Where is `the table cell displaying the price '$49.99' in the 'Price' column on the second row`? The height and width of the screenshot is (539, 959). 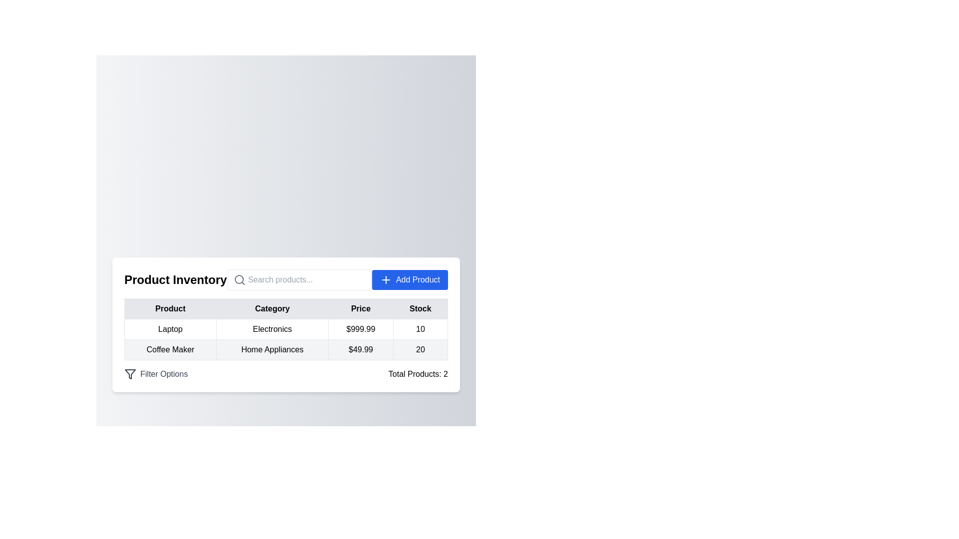
the table cell displaying the price '$49.99' in the 'Price' column on the second row is located at coordinates (360, 349).